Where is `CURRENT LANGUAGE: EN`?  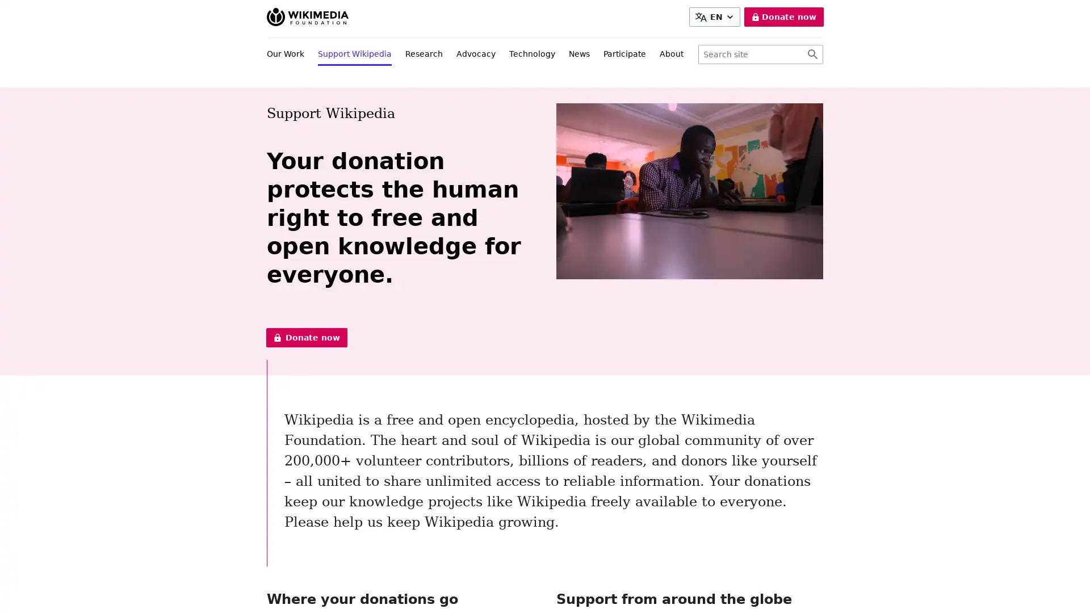 CURRENT LANGUAGE: EN is located at coordinates (714, 17).